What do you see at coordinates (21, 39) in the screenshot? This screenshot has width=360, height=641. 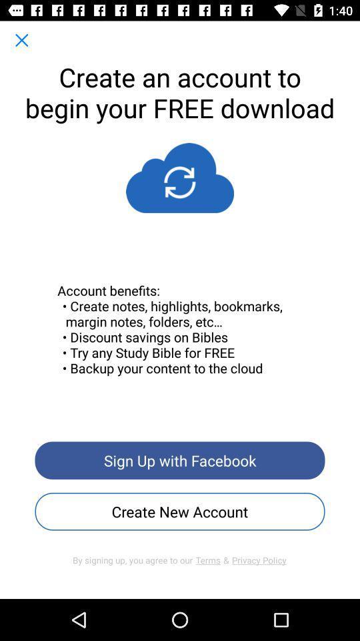 I see `the close icon` at bounding box center [21, 39].